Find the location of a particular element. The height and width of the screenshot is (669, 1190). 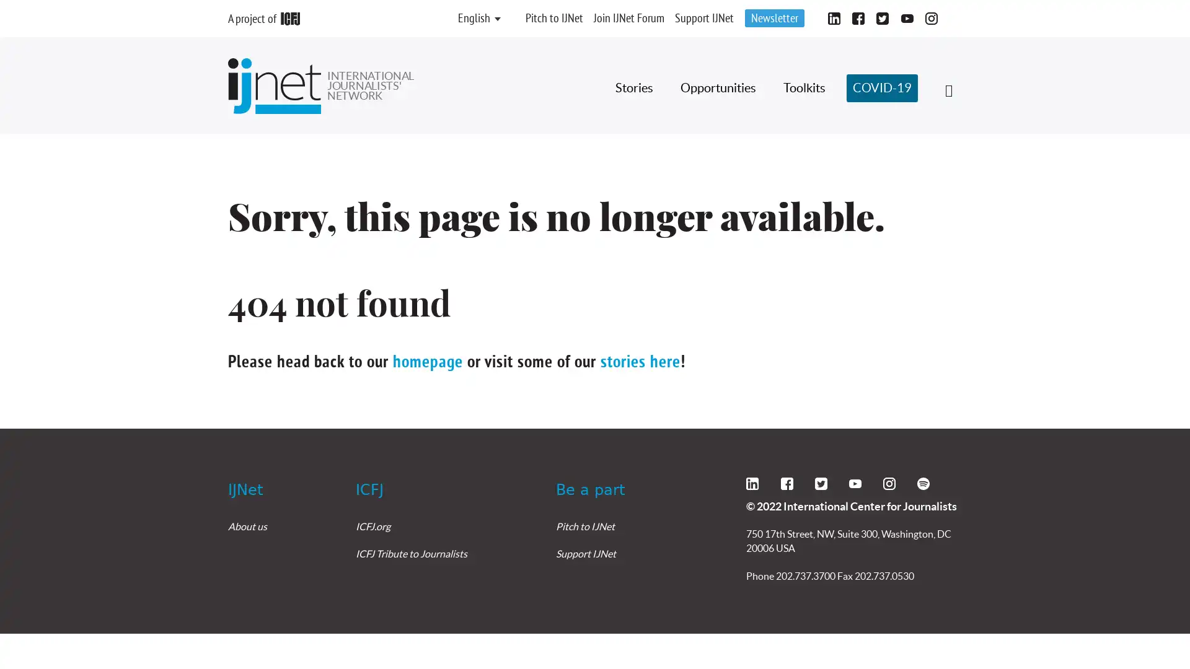

English is located at coordinates (473, 19).